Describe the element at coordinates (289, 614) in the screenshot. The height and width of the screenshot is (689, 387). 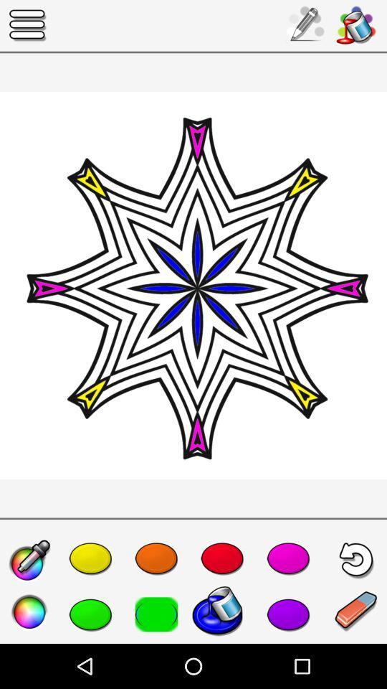
I see `the color which is to the immediate right of blue color in the second row` at that location.